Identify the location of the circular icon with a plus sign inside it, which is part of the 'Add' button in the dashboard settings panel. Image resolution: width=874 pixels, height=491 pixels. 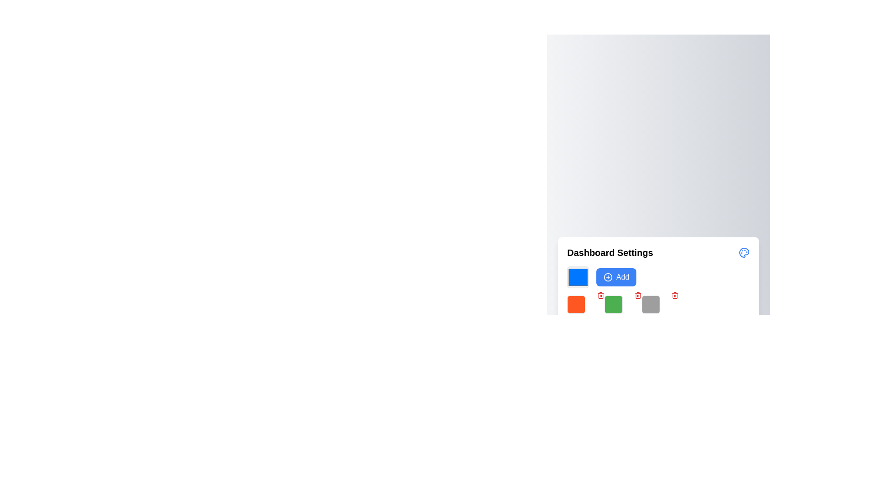
(608, 276).